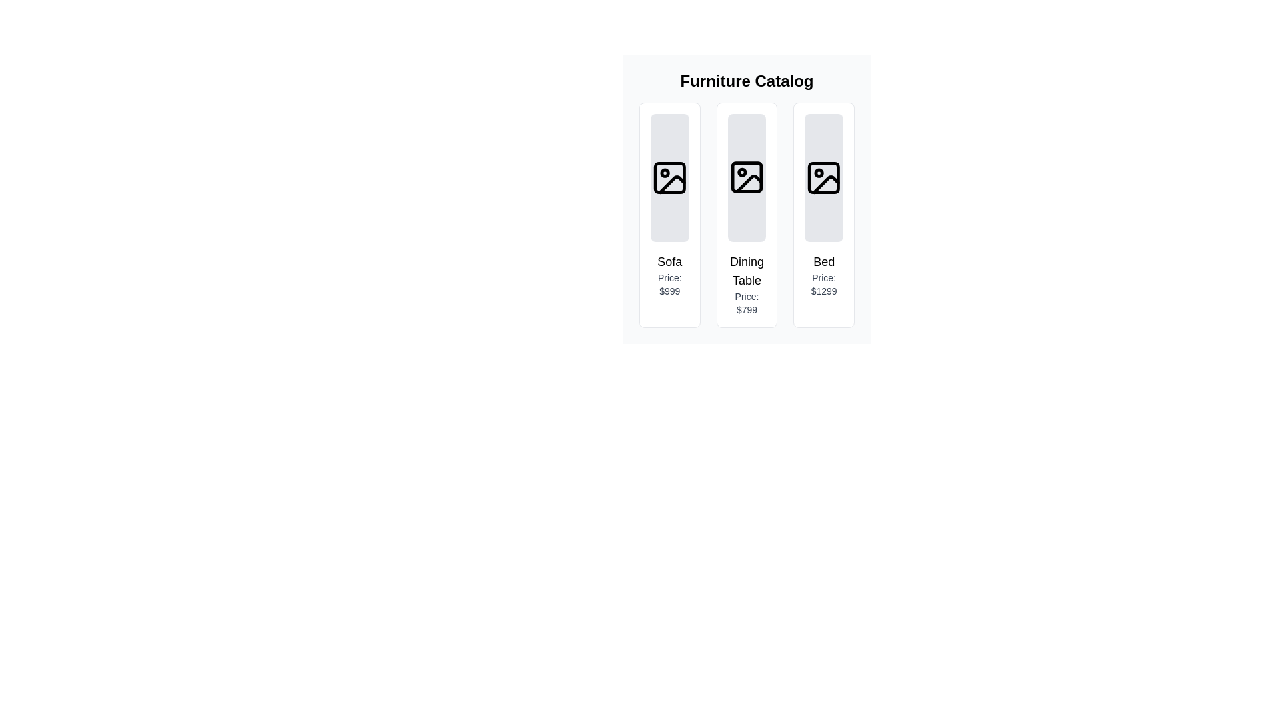  What do you see at coordinates (746, 303) in the screenshot?
I see `the static text block displaying the price of the 'Dining Table', located at the bottom of the card under the title 'Dining Table'` at bounding box center [746, 303].